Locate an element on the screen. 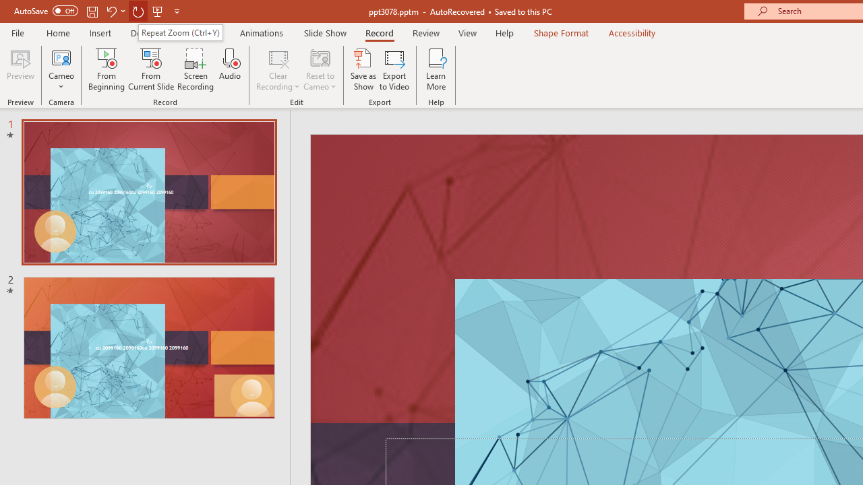 The height and width of the screenshot is (485, 863). 'Reset to Cameo' is located at coordinates (319, 69).